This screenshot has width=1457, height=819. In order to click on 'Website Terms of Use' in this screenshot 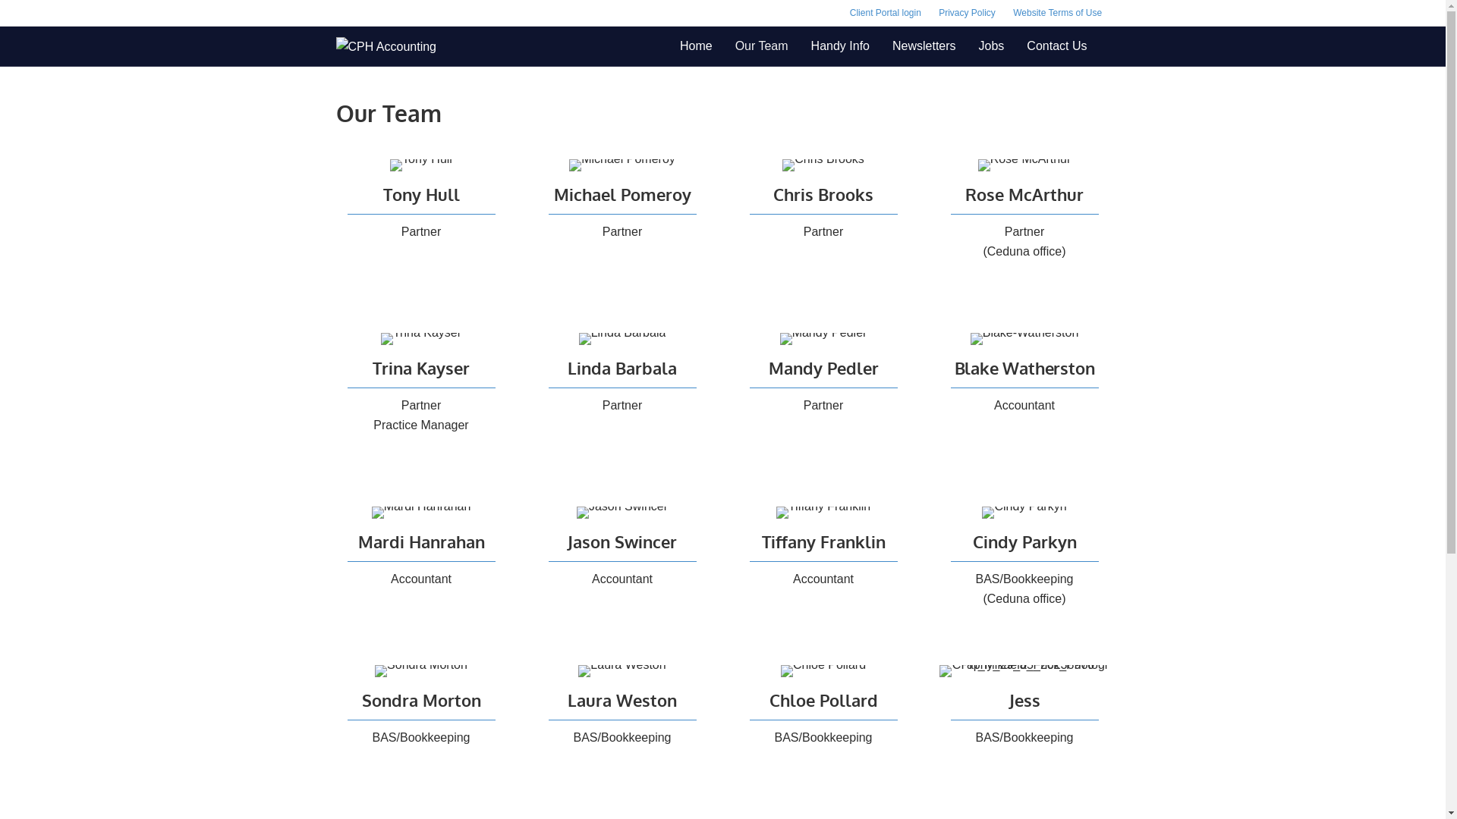, I will do `click(1056, 12)`.